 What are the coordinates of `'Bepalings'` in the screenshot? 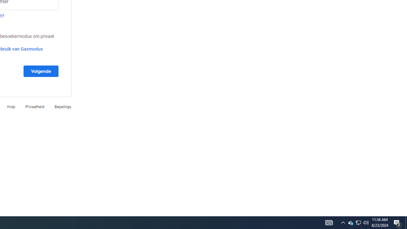 It's located at (63, 106).